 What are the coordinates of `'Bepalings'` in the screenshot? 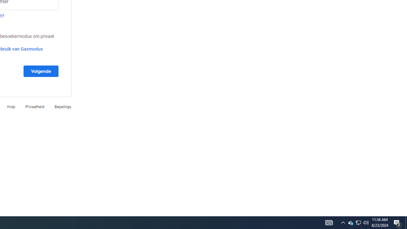 It's located at (63, 106).